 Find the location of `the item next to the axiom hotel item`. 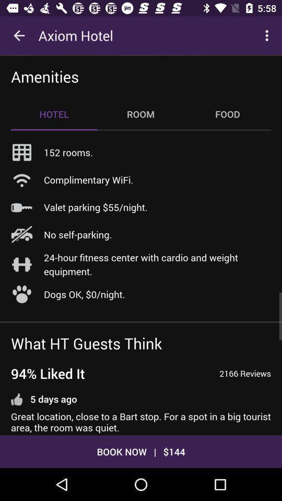

the item next to the axiom hotel item is located at coordinates (19, 35).